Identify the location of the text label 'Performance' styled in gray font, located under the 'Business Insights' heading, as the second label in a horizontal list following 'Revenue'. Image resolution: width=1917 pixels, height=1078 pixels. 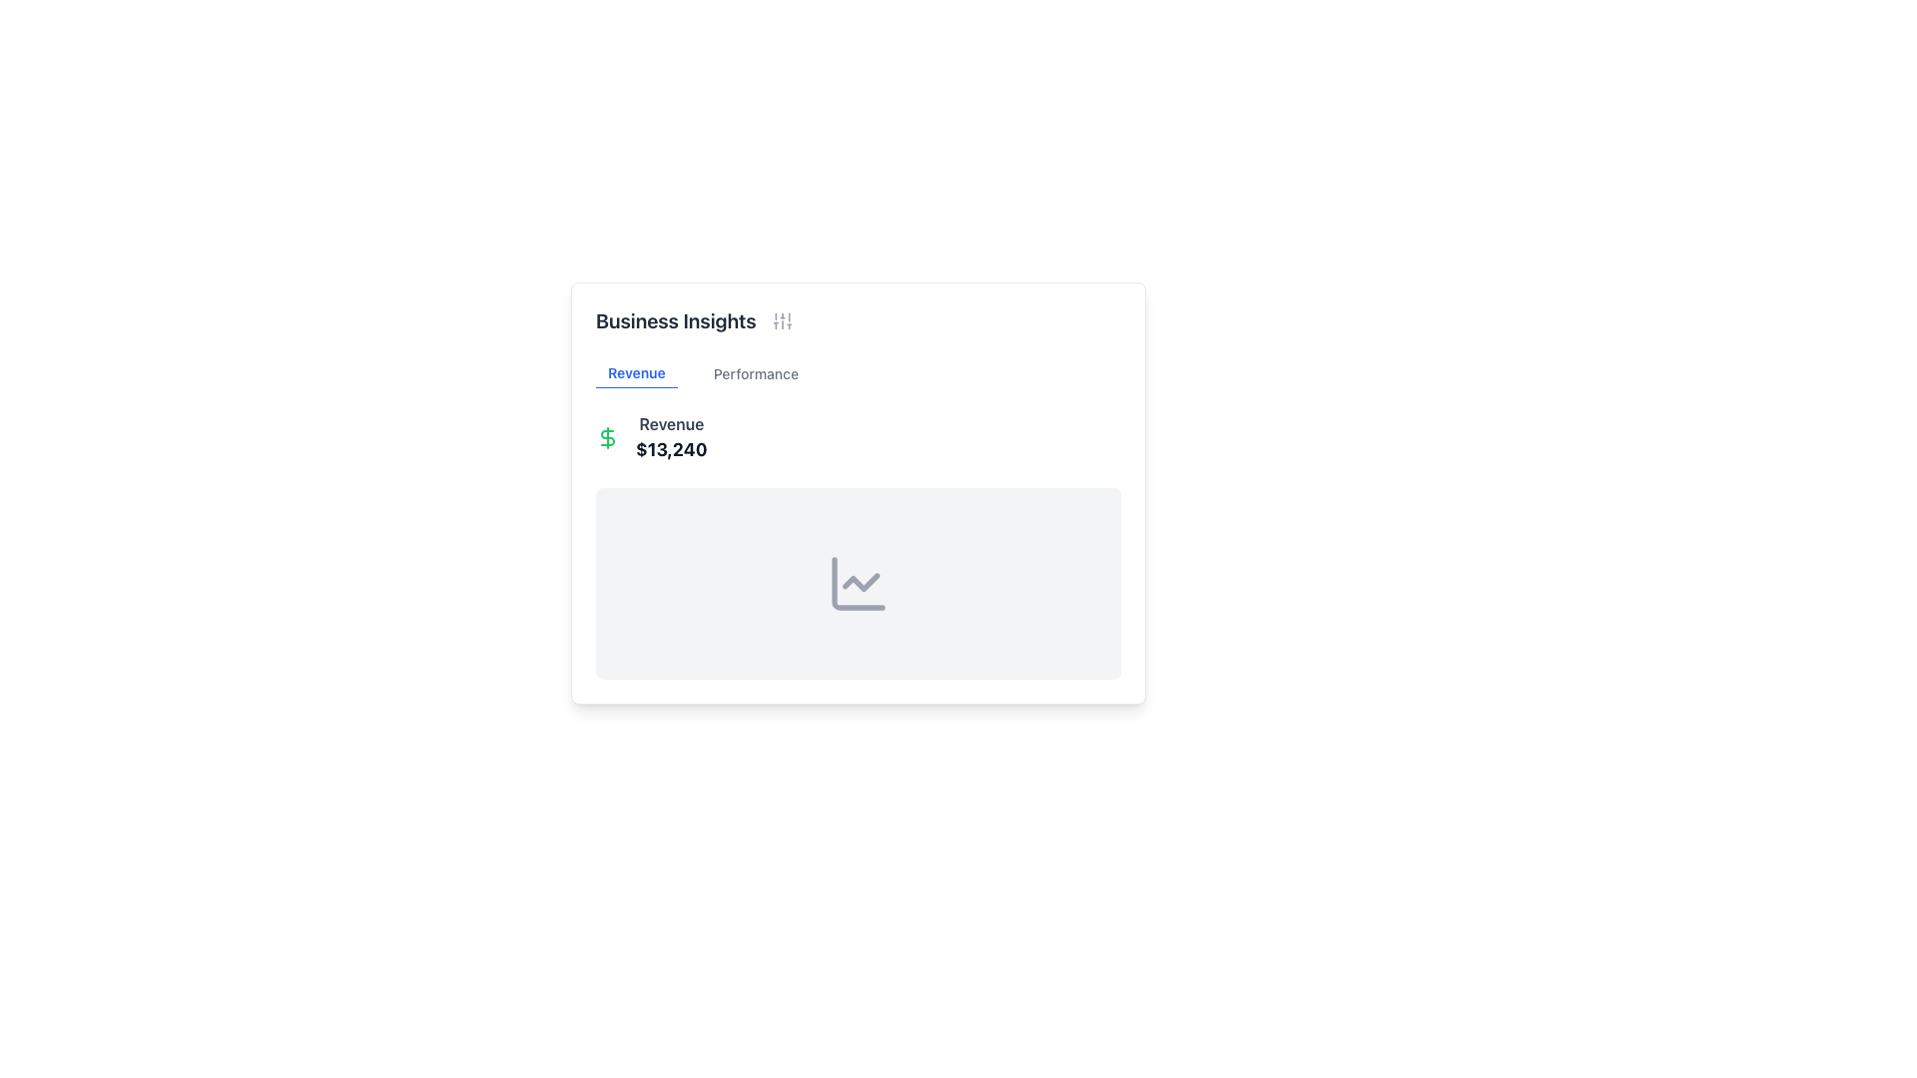
(755, 373).